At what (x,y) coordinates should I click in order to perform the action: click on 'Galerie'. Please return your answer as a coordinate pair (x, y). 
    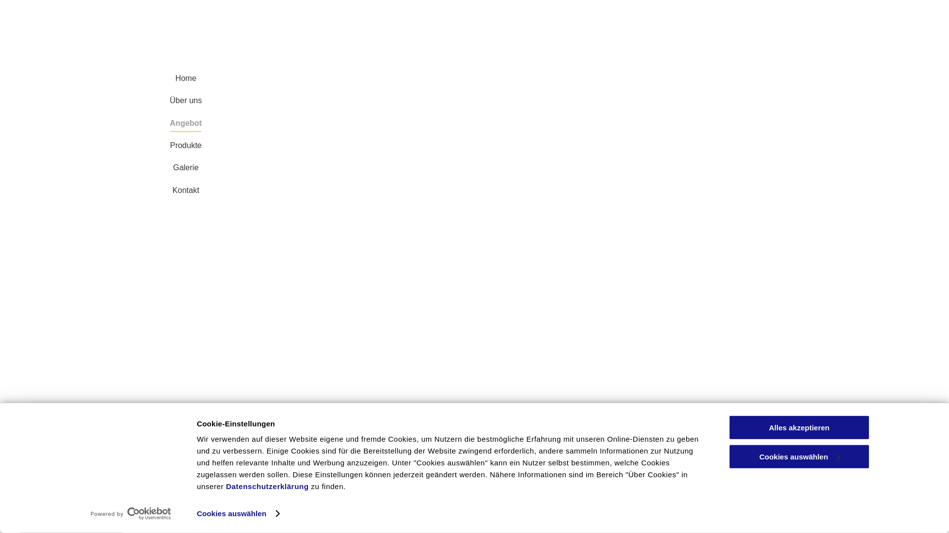
    Looking at the image, I should click on (185, 167).